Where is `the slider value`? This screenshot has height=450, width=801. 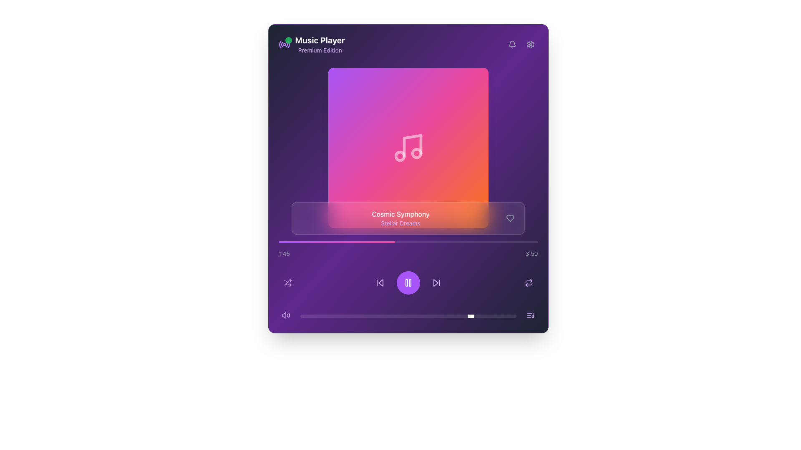
the slider value is located at coordinates (419, 316).